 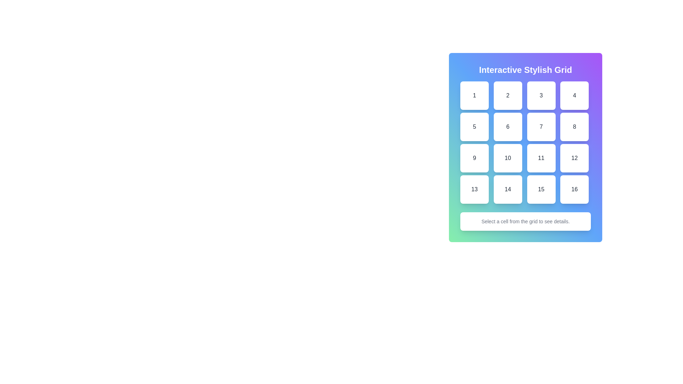 What do you see at coordinates (475, 127) in the screenshot?
I see `the square button with a white background and a bold numeral '5' in gray, located in the second row of the 4x4 grid under 'Interactive Stylish Grid'` at bounding box center [475, 127].